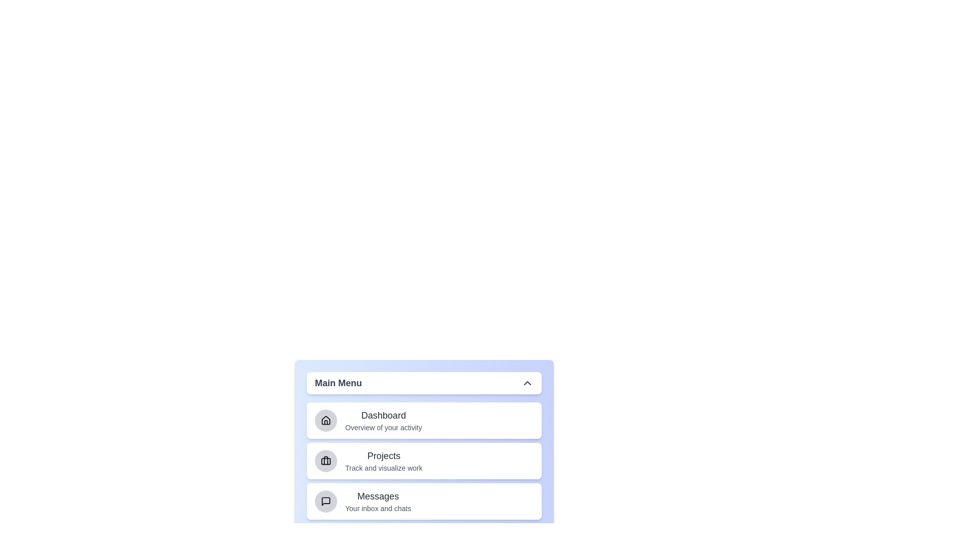 The height and width of the screenshot is (546, 972). What do you see at coordinates (326, 461) in the screenshot?
I see `the icon beside the menu item Projects` at bounding box center [326, 461].